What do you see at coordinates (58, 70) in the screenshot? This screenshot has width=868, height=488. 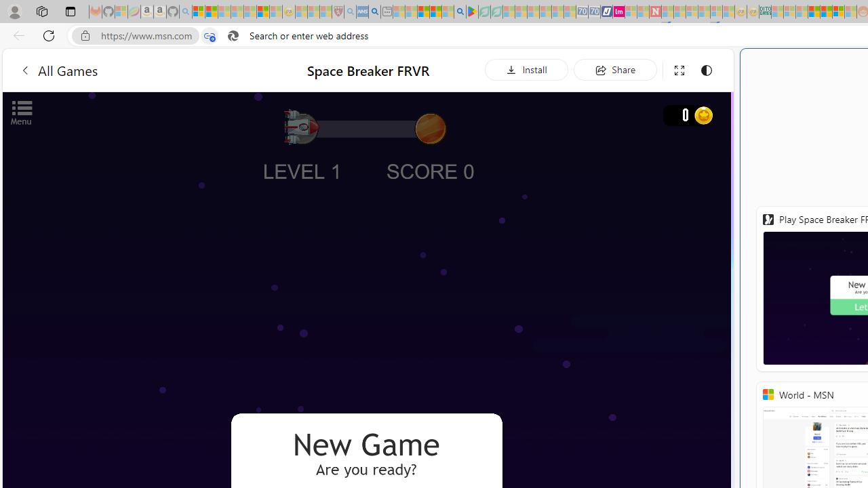 I see `'All Games'` at bounding box center [58, 70].